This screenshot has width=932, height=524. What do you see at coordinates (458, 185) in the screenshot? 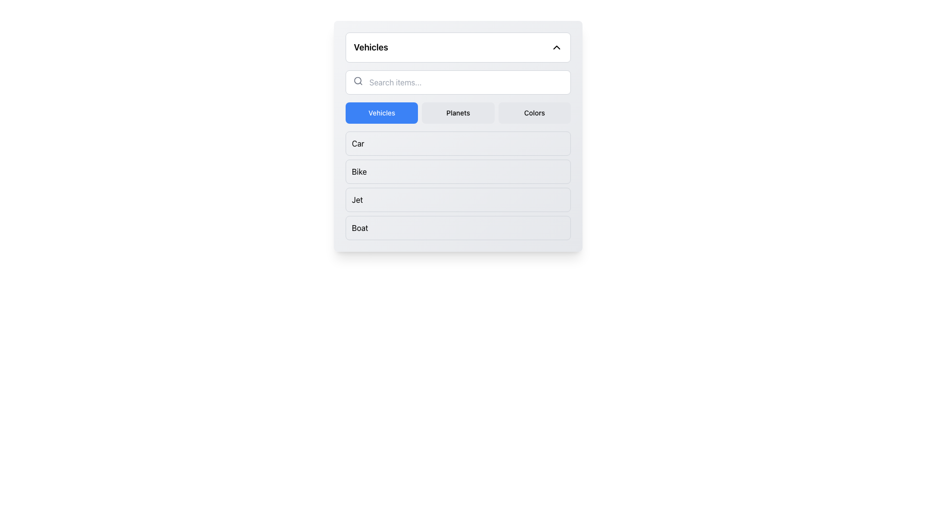
I see `the vertically stacked list component containing items 'Car', 'Bike', 'Jet', and 'Boat'` at bounding box center [458, 185].